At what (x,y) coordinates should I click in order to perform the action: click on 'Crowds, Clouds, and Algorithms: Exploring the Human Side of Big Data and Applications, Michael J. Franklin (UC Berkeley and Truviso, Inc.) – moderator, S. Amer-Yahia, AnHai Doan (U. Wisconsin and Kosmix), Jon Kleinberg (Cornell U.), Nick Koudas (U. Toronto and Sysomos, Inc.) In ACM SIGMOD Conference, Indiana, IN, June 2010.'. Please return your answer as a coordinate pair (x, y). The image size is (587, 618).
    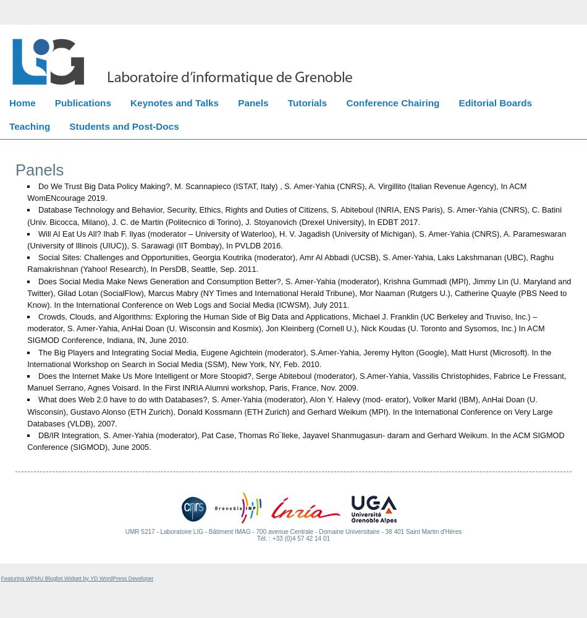
    Looking at the image, I should click on (27, 328).